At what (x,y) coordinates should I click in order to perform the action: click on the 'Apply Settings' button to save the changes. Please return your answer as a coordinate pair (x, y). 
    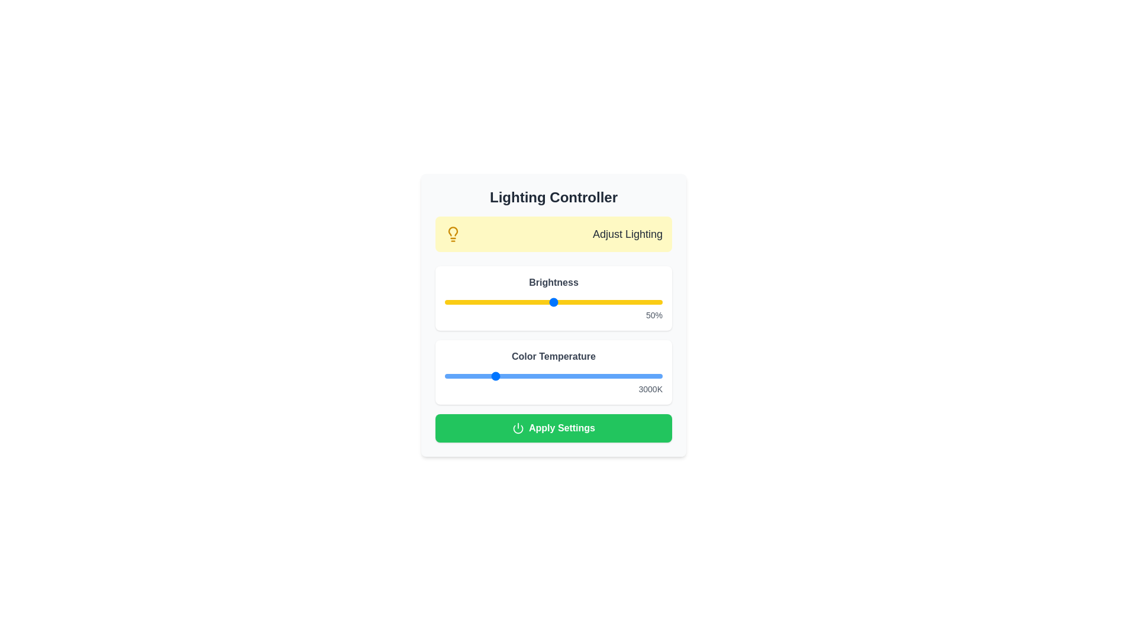
    Looking at the image, I should click on (553, 428).